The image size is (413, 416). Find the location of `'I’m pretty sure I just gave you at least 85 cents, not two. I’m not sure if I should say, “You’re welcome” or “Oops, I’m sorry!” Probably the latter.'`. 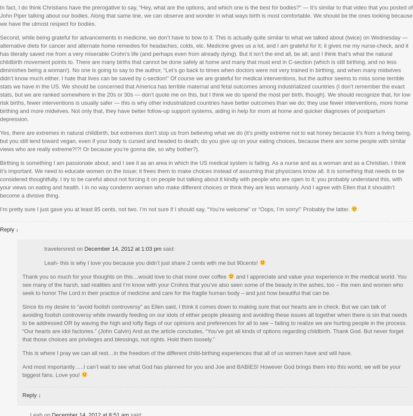

'I’m pretty sure I just gave you at least 85 cents, not two. I’m not sure if I should say, “You’re welcome” or “Oops, I’m sorry!” Probably the latter.' is located at coordinates (175, 208).